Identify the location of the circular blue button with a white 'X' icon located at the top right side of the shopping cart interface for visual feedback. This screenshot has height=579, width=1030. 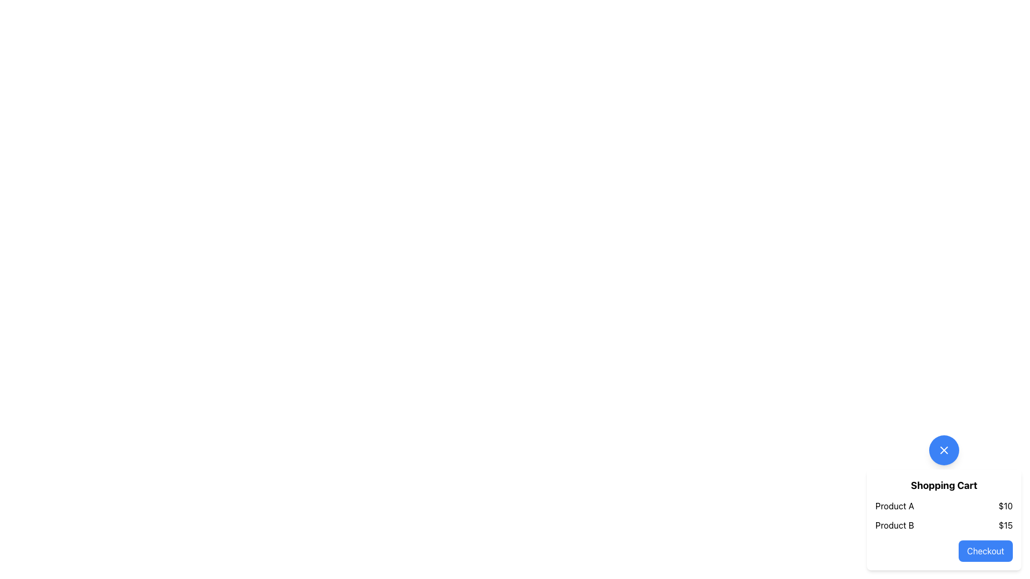
(944, 450).